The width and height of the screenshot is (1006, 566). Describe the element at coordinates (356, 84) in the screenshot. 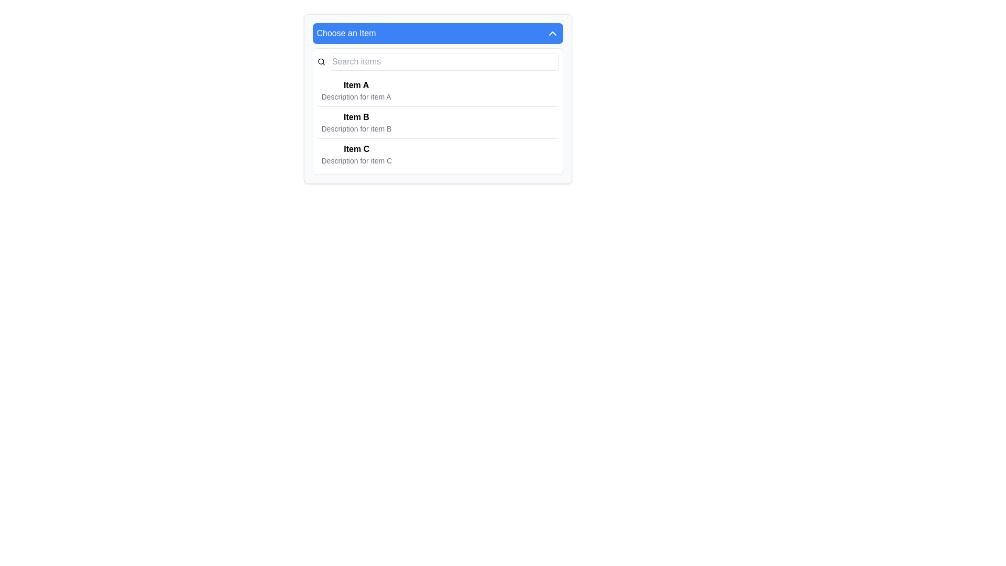

I see `the bolded text label at the top of the dropdown menu list, which serves as the title for the list item` at that location.